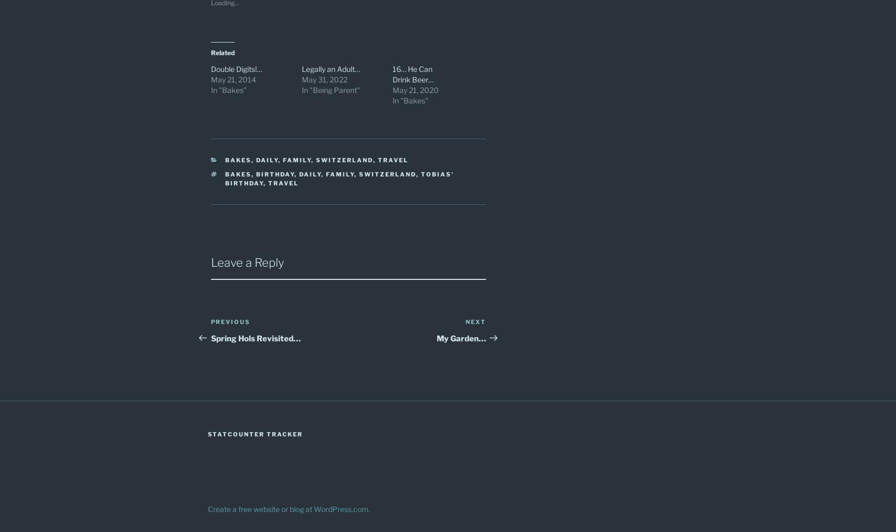 This screenshot has width=896, height=532. I want to click on 'switzerland', so click(387, 174).